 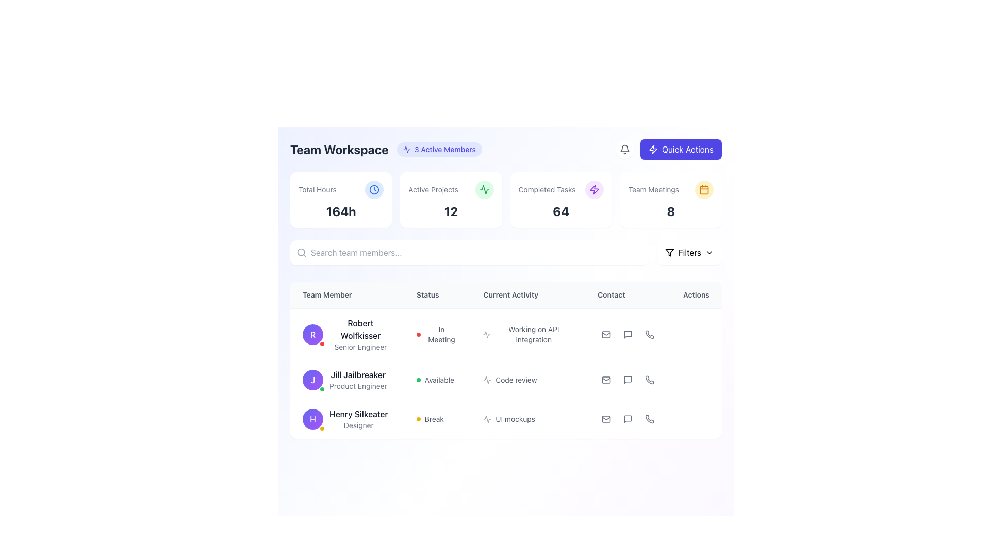 I want to click on the Calendar icon located in the top-right area of the interface, so click(x=704, y=189).